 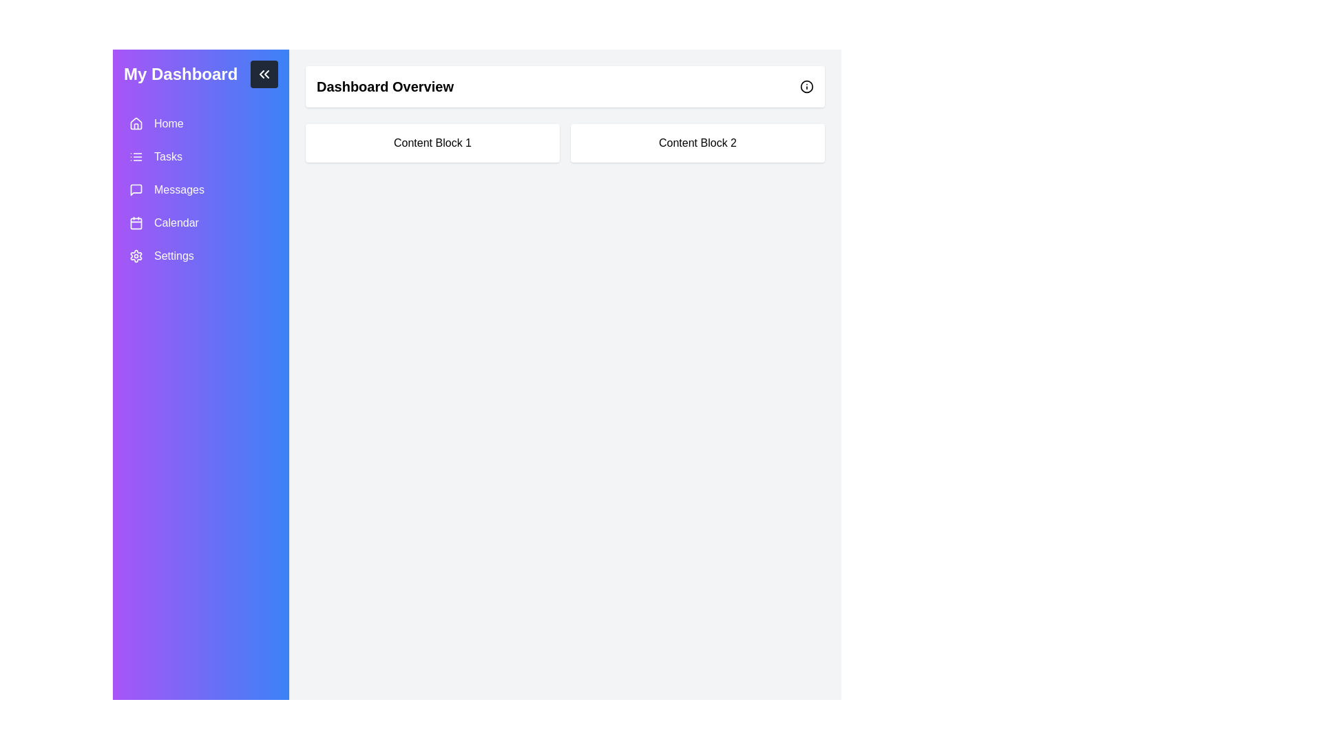 I want to click on navigation label indicating the section or page of the interface related to 'Home', so click(x=168, y=124).